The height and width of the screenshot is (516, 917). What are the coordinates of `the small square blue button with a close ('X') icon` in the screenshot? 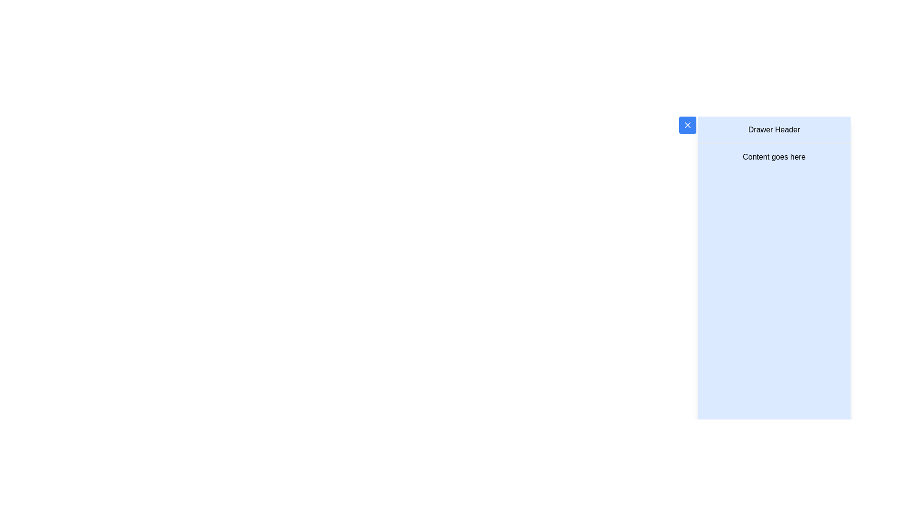 It's located at (687, 125).